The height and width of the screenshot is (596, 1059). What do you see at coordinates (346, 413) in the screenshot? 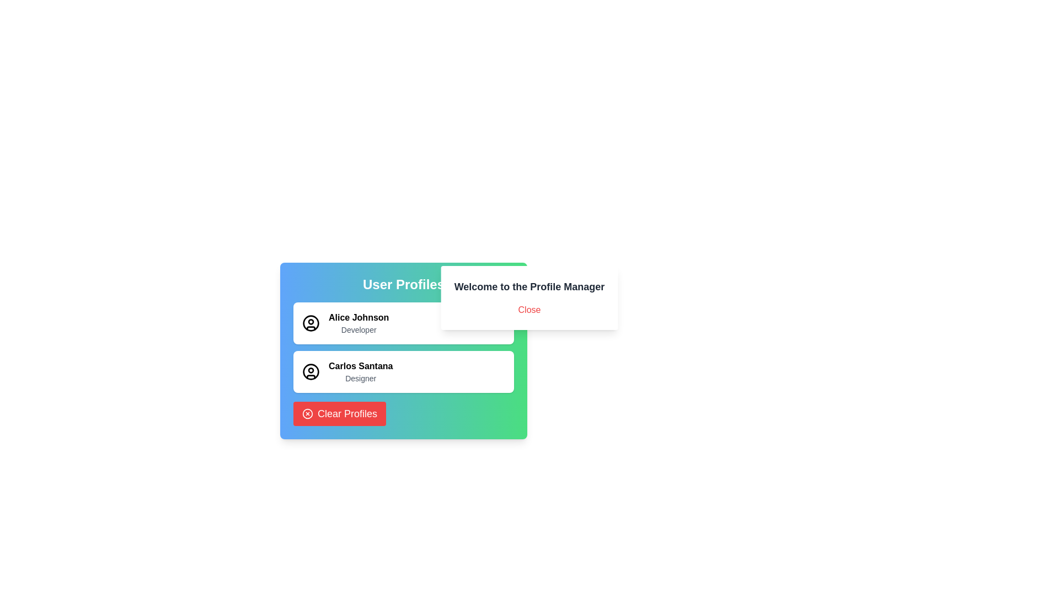
I see `the 'Clear Profiles' text component within the red button located at the bottom of the 'User Profiles' panel` at bounding box center [346, 413].